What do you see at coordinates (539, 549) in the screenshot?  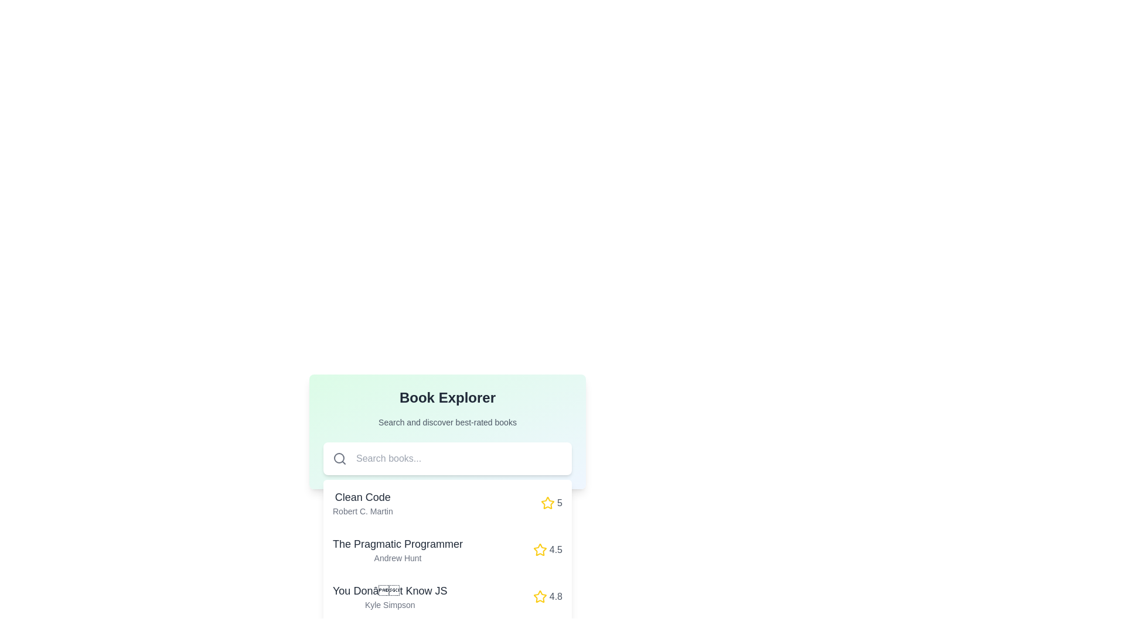 I see `the rating icon associated with the book 'The Pragmatic Programmer' by Andrew Hunt, which is located to the right of the bold red numerical rating '4.5'` at bounding box center [539, 549].